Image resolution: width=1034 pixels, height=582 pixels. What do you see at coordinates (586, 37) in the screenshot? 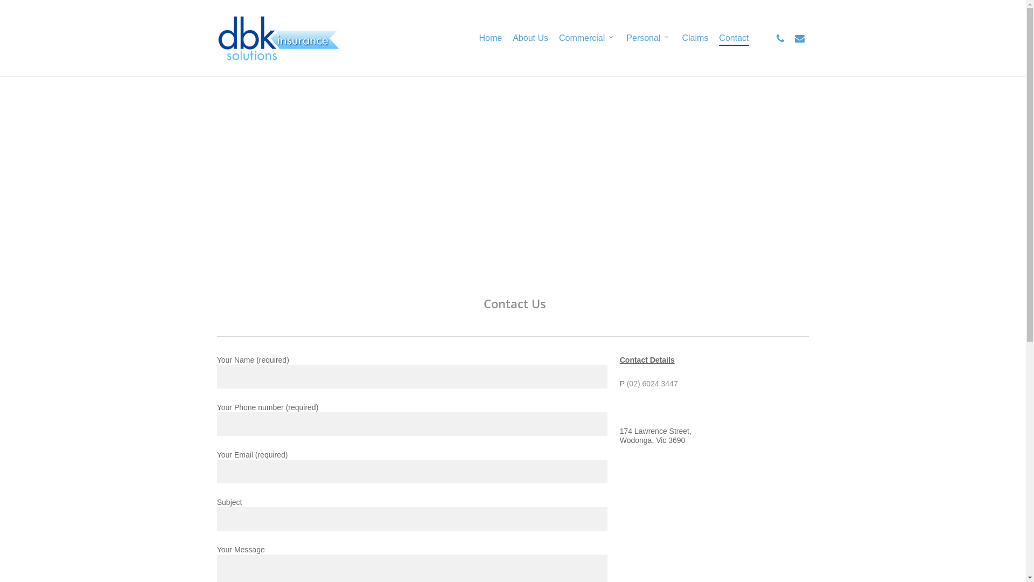
I see `'Commercial'` at bounding box center [586, 37].